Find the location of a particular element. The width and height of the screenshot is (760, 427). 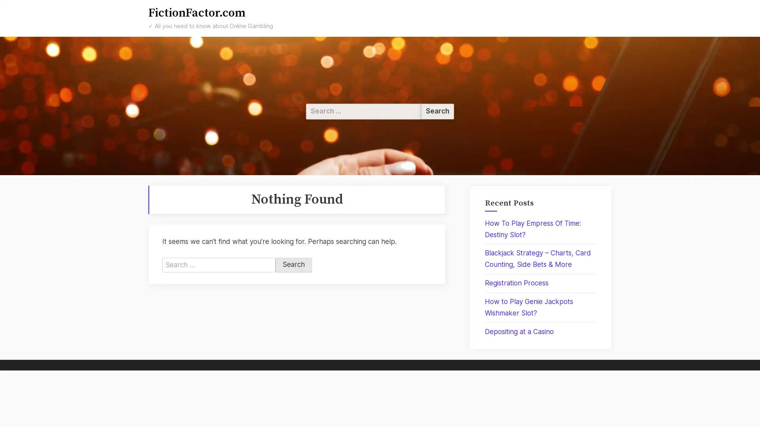

Search is located at coordinates (437, 111).